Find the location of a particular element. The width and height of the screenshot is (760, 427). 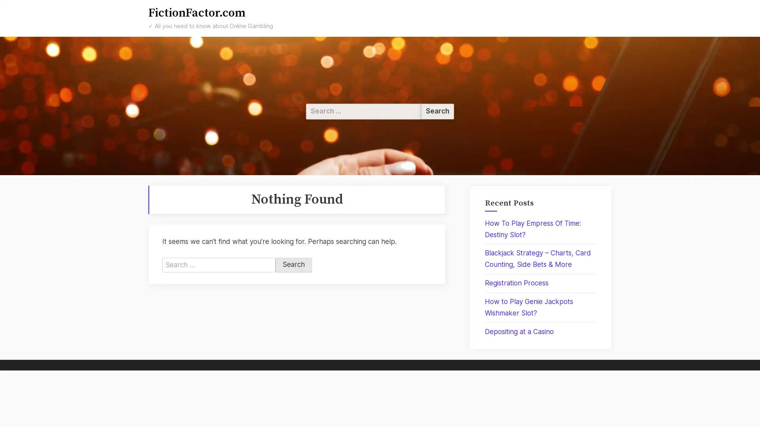

Search is located at coordinates (437, 111).